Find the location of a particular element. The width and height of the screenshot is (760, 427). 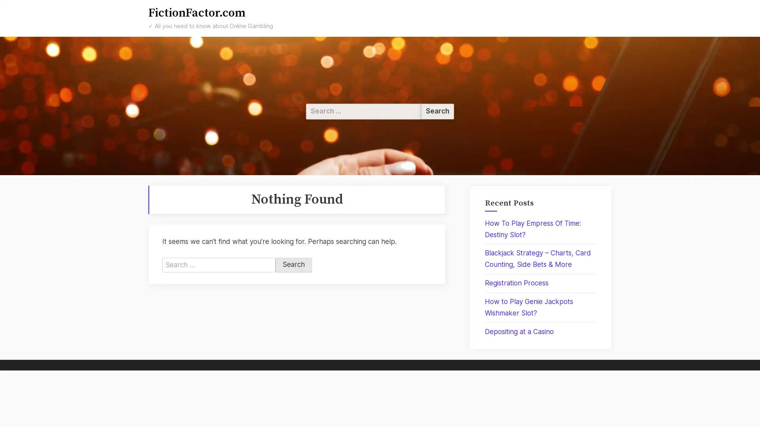

Search is located at coordinates (437, 111).